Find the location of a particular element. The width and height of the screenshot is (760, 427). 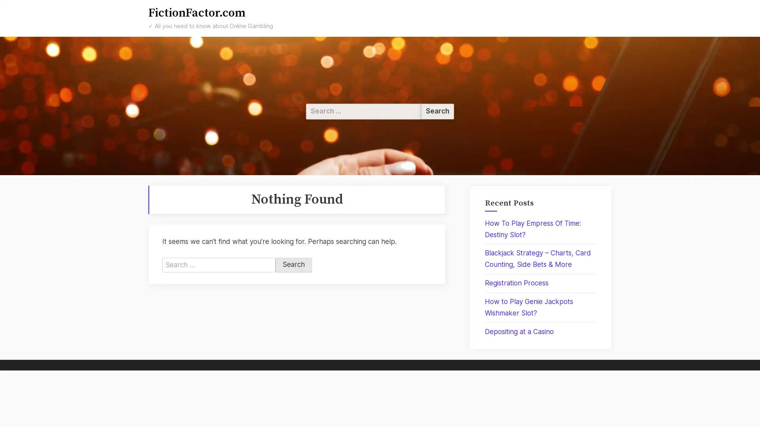

Search is located at coordinates (437, 111).